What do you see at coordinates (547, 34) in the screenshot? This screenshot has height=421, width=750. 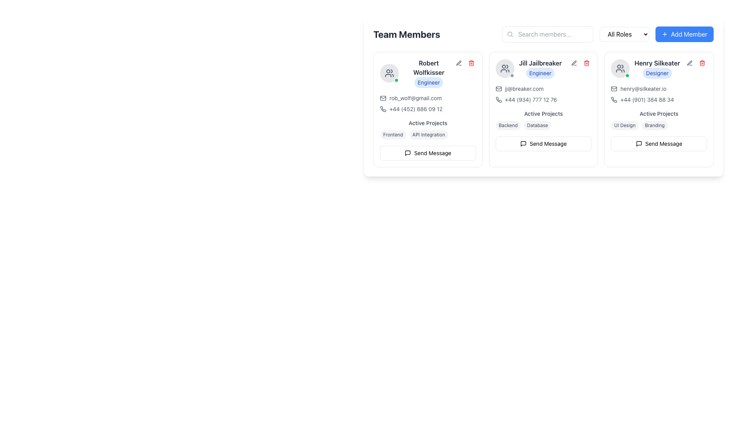 I see `the text input field with the placeholder 'Search members...' to focus on it` at bounding box center [547, 34].